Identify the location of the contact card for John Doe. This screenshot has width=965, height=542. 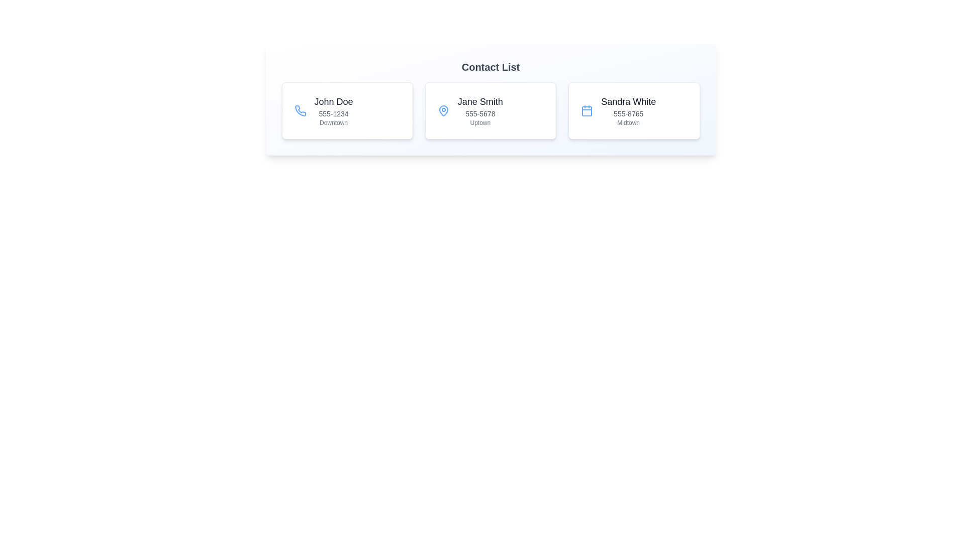
(347, 110).